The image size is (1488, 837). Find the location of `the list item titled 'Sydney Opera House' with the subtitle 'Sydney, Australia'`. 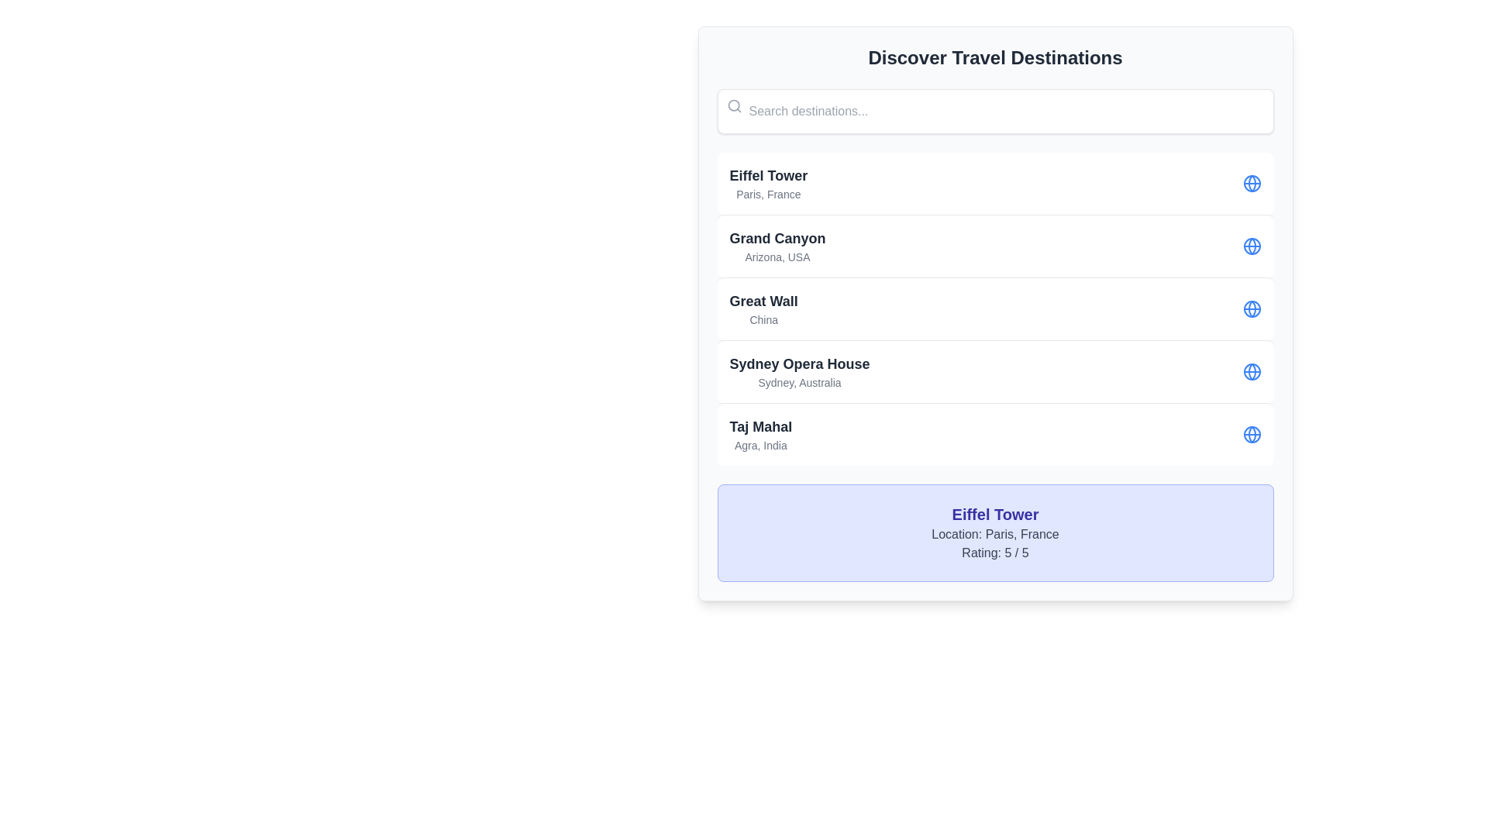

the list item titled 'Sydney Opera House' with the subtitle 'Sydney, Australia' is located at coordinates (995, 371).